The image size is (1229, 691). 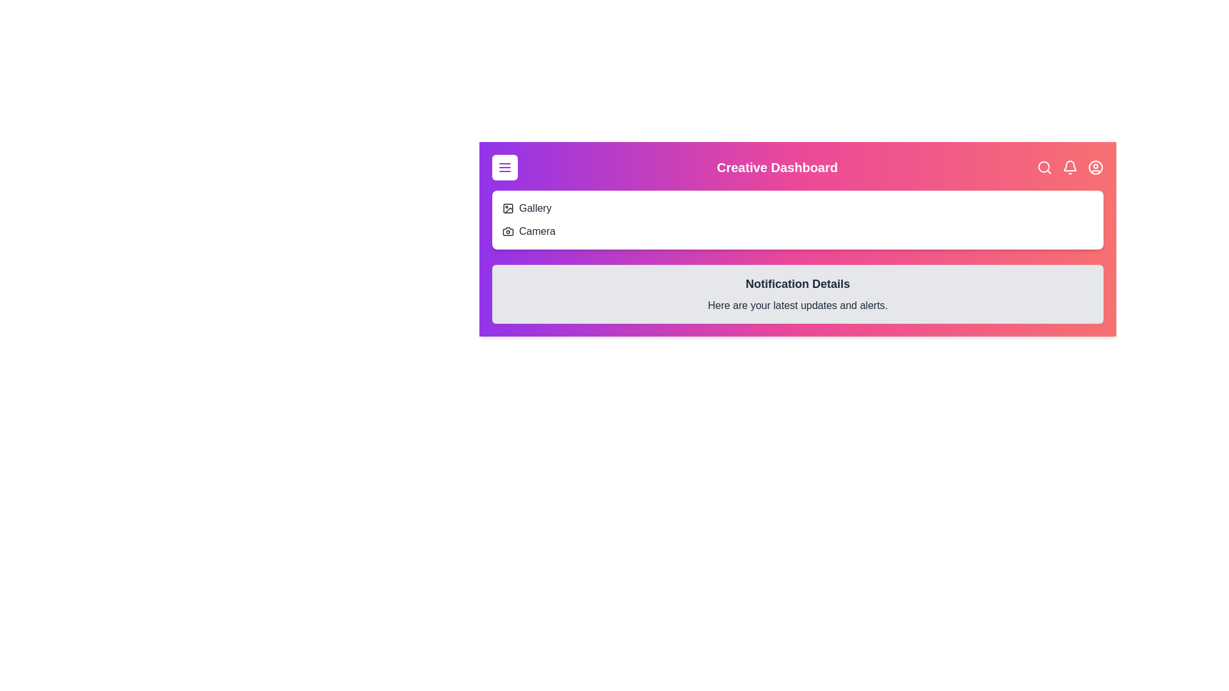 What do you see at coordinates (1095, 167) in the screenshot?
I see `the user icon to interact with it` at bounding box center [1095, 167].